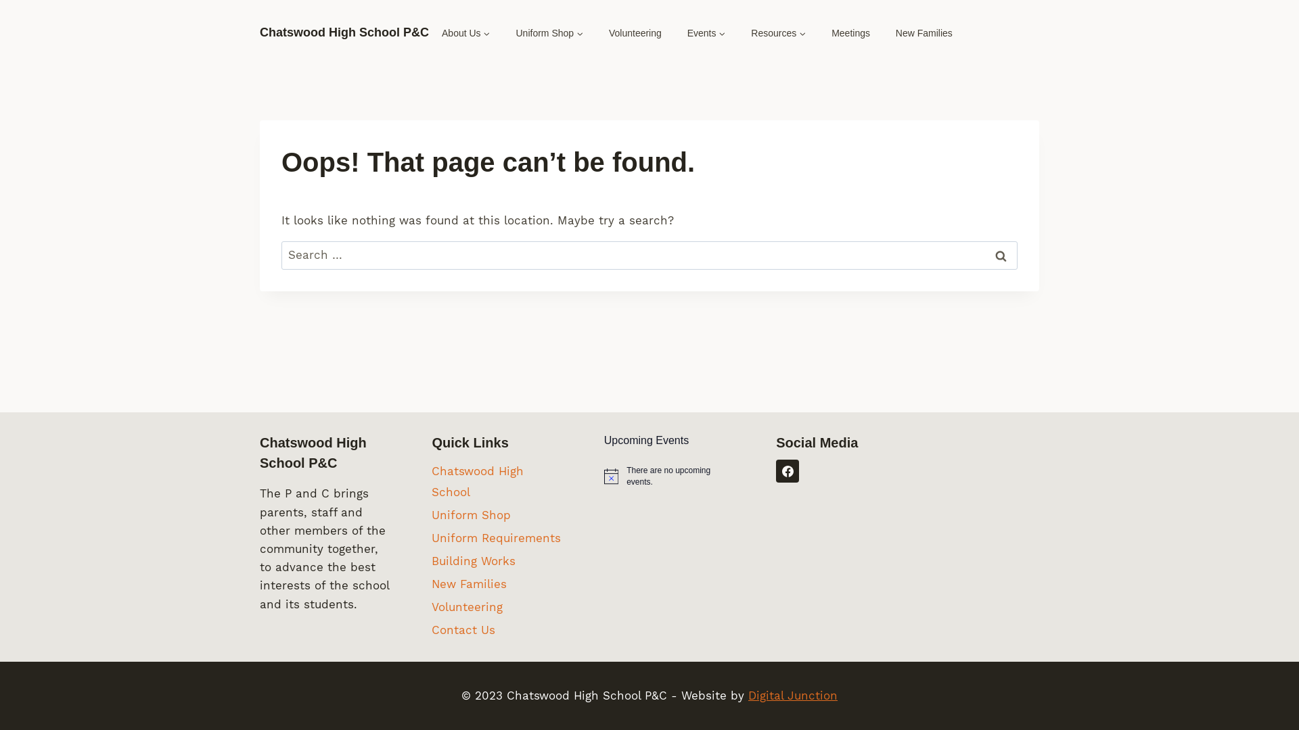 Image resolution: width=1299 pixels, height=730 pixels. I want to click on 'Resources', so click(778, 32).